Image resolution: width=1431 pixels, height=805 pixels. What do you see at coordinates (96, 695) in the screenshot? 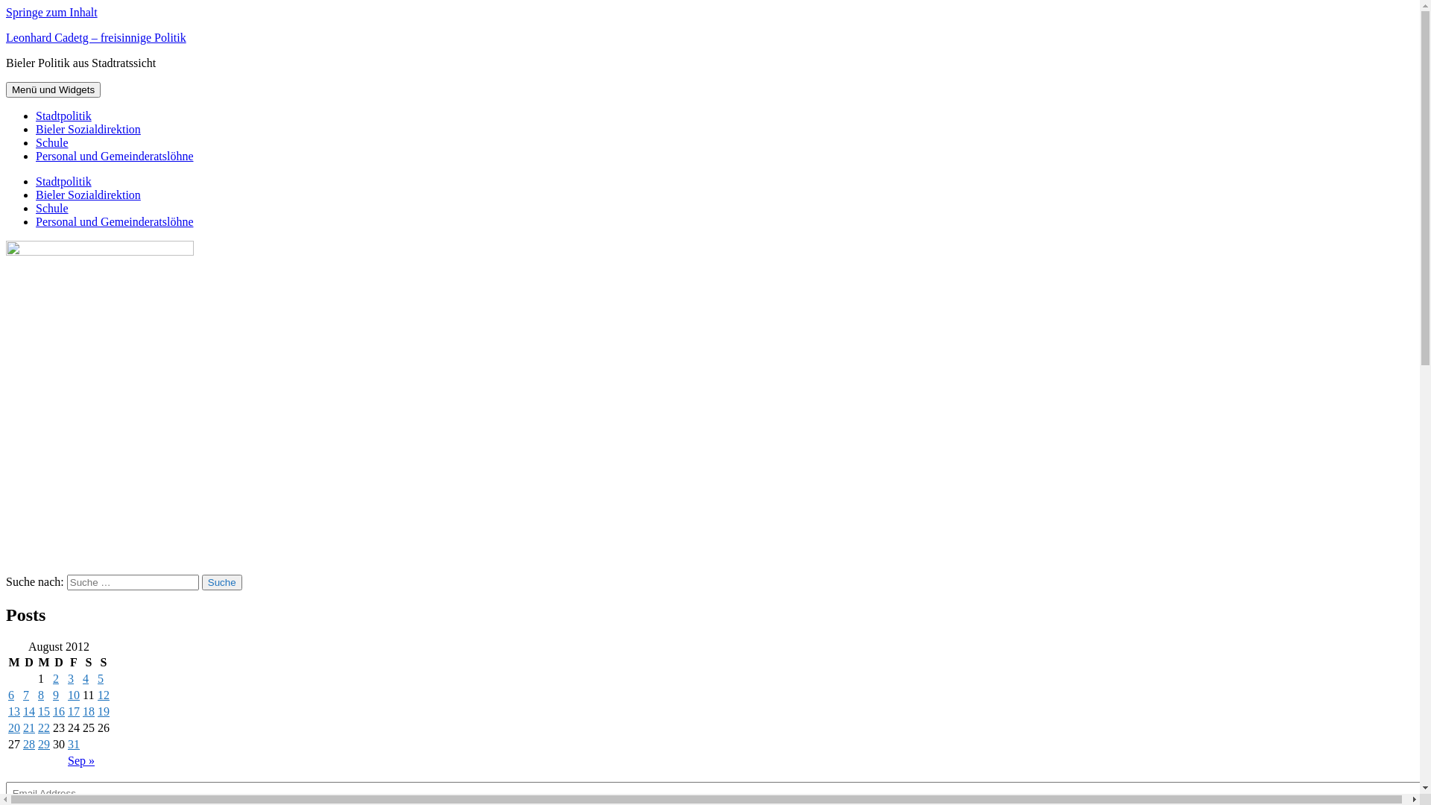
I see `'12'` at bounding box center [96, 695].